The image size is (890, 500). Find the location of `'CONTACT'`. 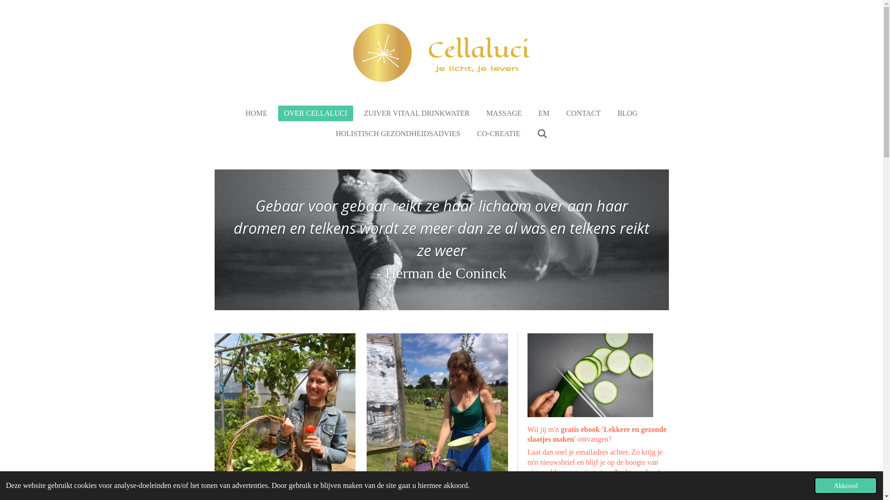

'CONTACT' is located at coordinates (560, 113).